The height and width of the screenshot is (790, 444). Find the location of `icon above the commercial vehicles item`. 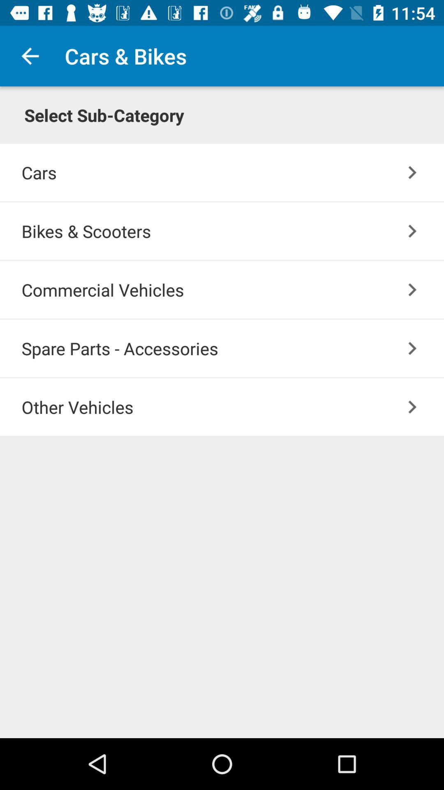

icon above the commercial vehicles item is located at coordinates (233, 230).